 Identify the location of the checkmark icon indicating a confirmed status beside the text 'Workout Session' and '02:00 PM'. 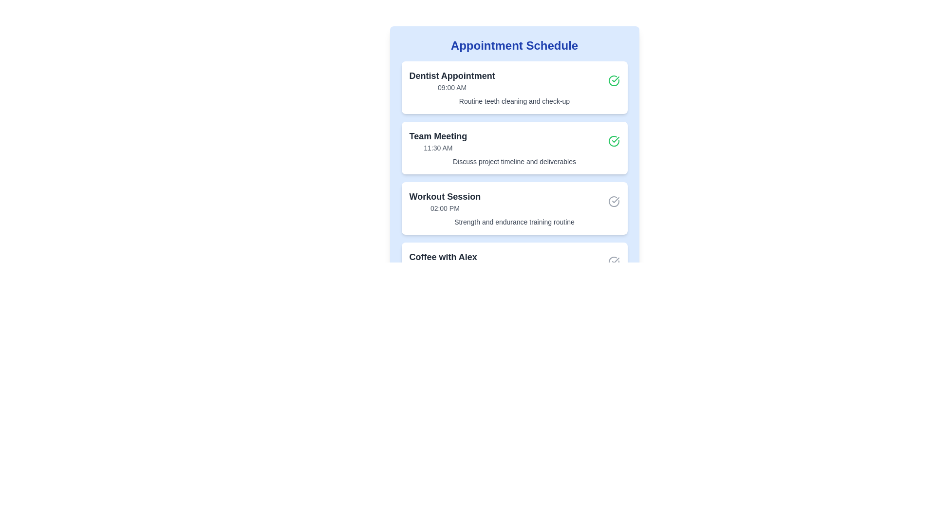
(613, 201).